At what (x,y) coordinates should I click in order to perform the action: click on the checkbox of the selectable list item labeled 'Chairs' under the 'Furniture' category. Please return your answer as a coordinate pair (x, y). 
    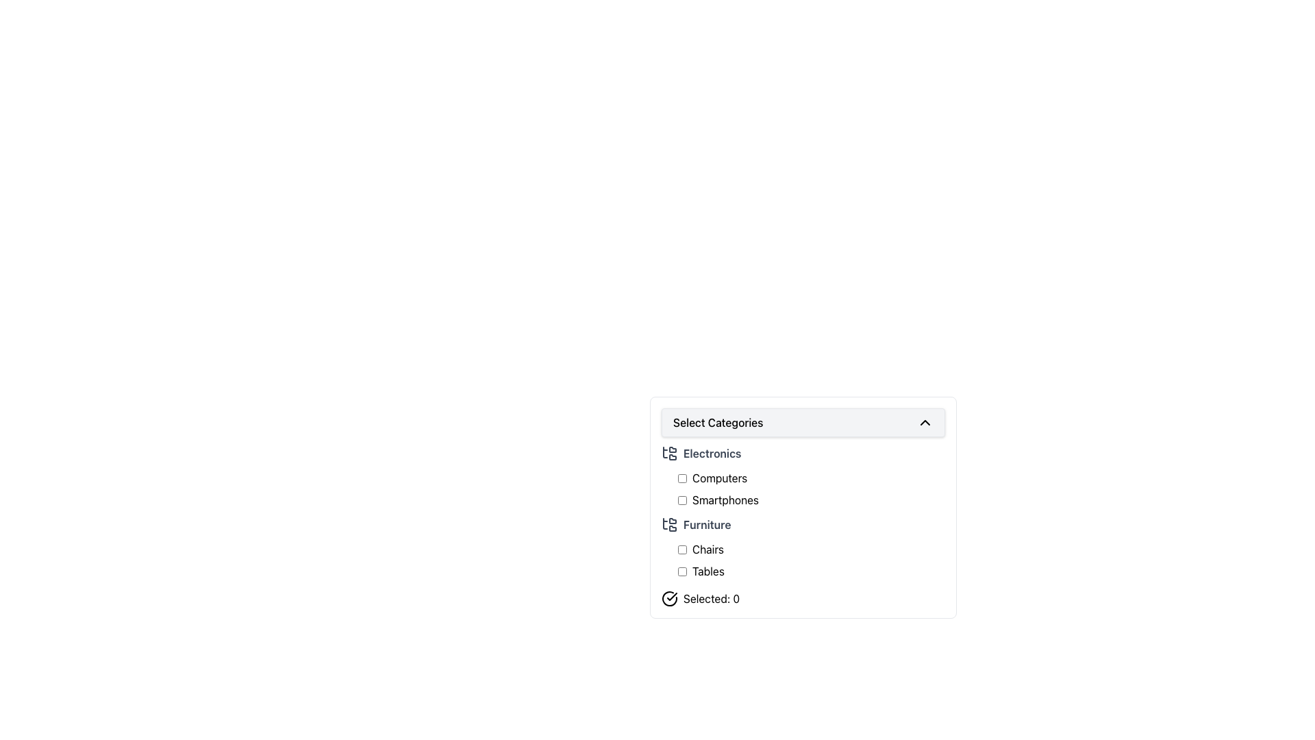
    Looking at the image, I should click on (812, 549).